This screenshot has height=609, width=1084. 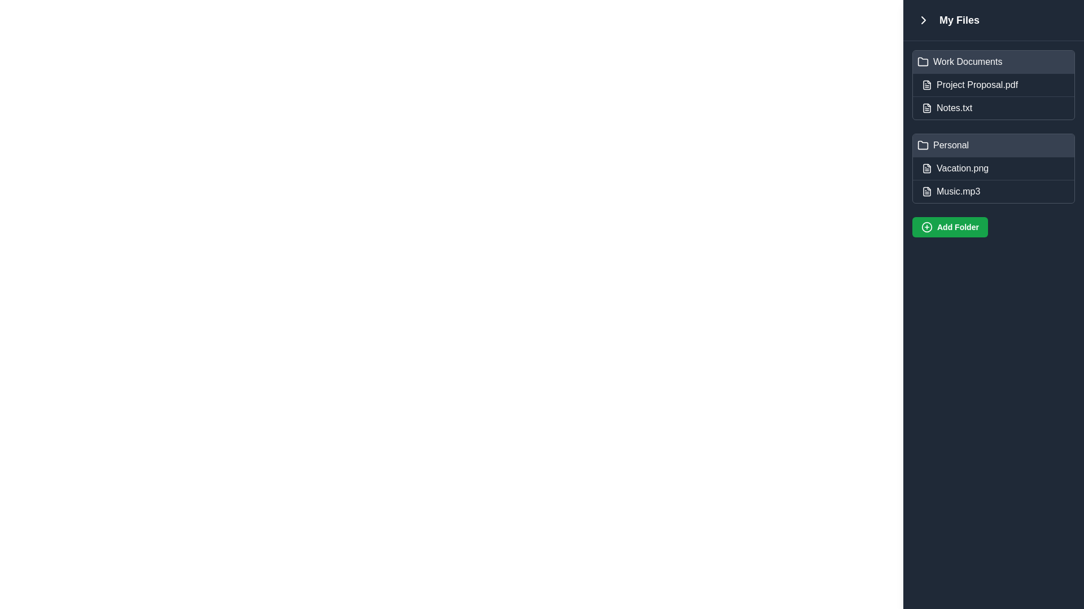 I want to click on the 'Create New Folder' button located at the bottom of the right panel, below the file items 'Personal', 'Vacation.png', and 'Music.mp3', so click(x=949, y=227).